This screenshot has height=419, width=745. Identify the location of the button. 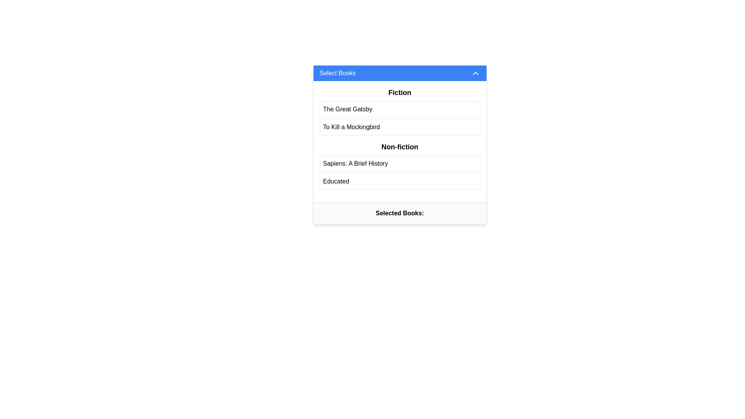
(400, 109).